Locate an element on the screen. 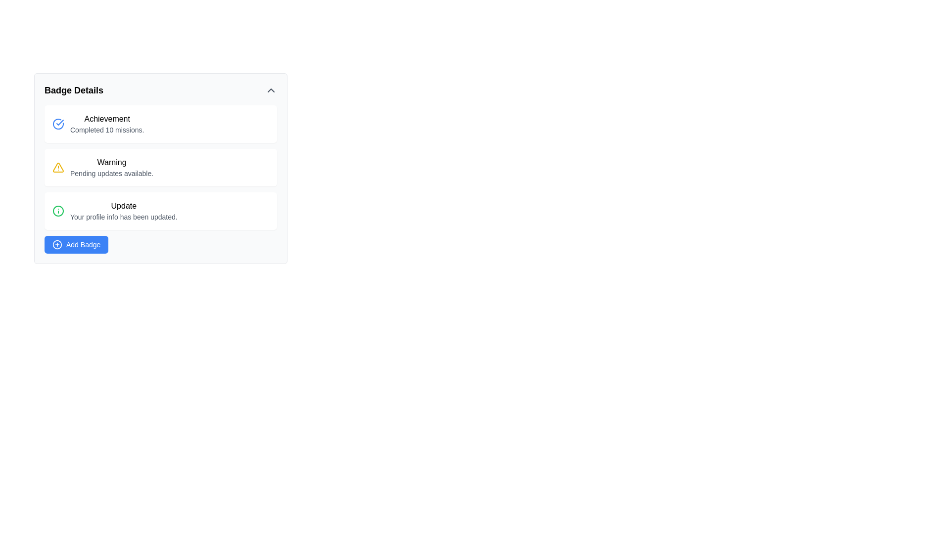 This screenshot has height=534, width=950. the icon within the 'Add Badge' button located at the bottom-left section of the 'Badge Details' card to trigger context-specific actions is located at coordinates (56, 244).